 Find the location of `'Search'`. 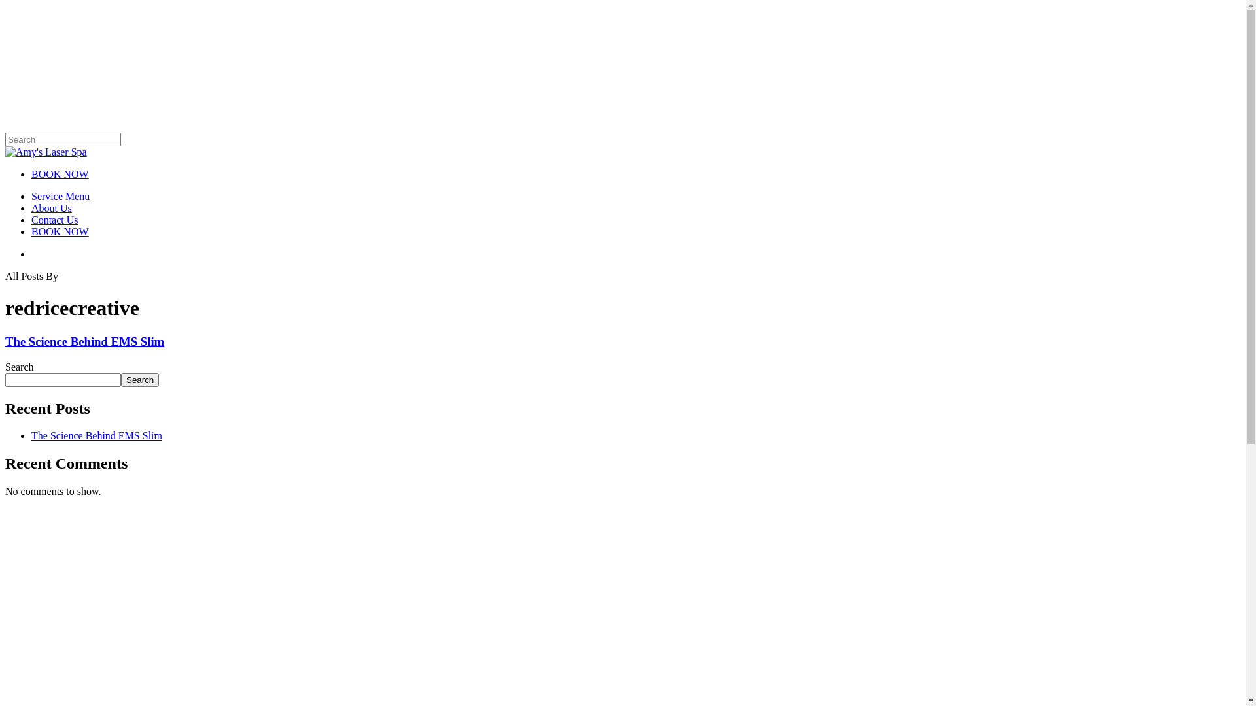

'Search' is located at coordinates (121, 380).